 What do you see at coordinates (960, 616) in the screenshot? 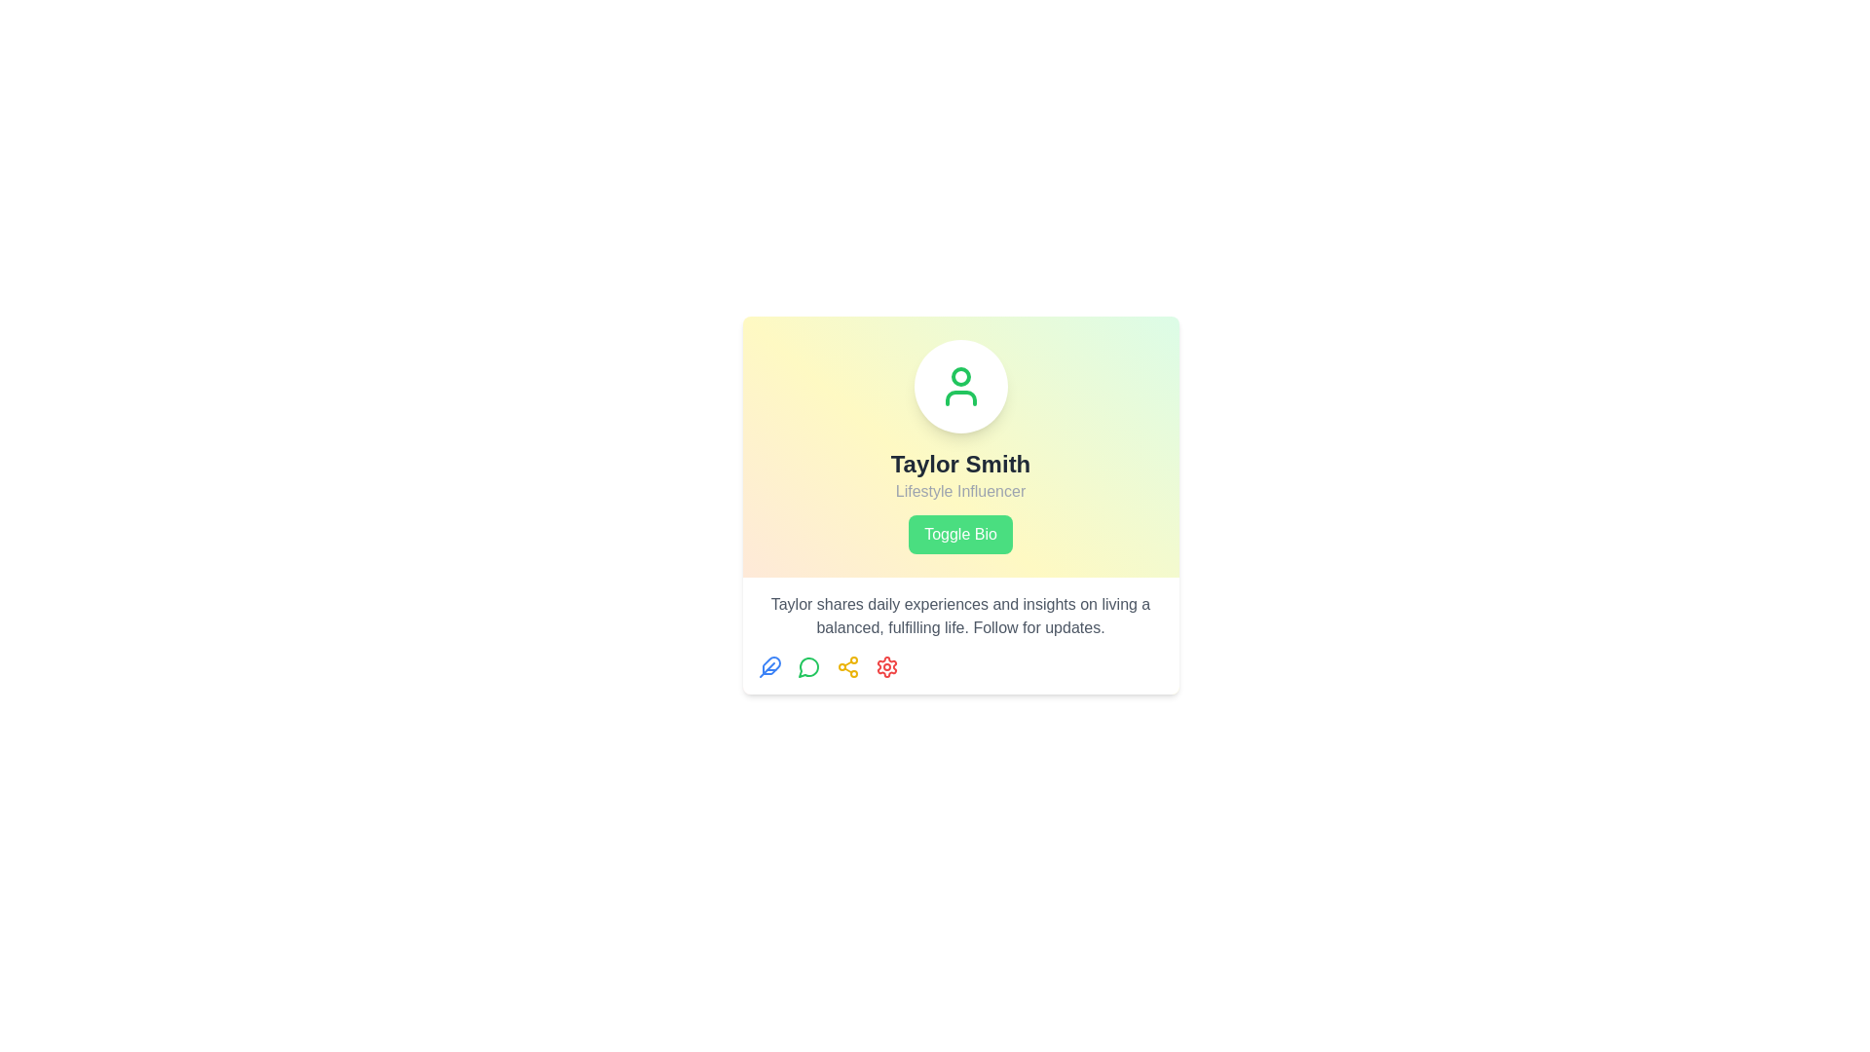
I see `informational text block element, which is styled in light gray font and located in the center of a white card layout below the 'Toggle Bio' button` at bounding box center [960, 616].